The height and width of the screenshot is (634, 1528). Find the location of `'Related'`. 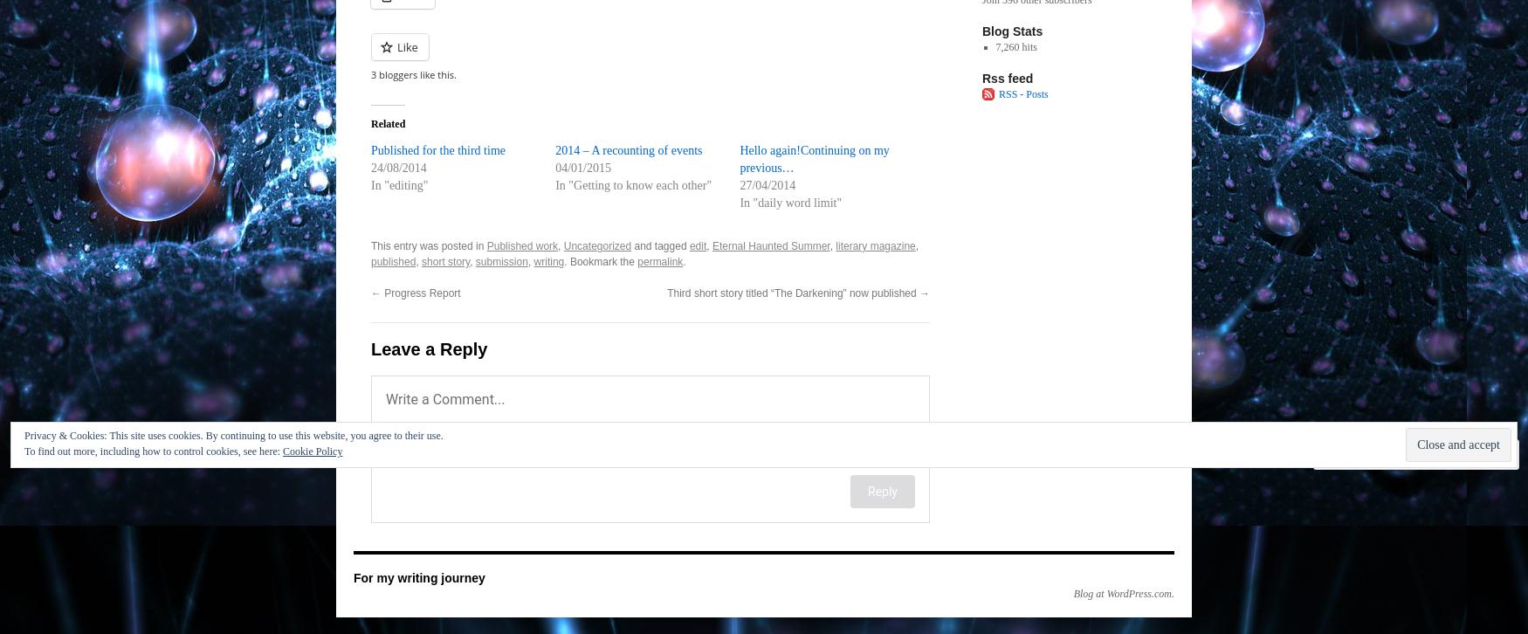

'Related' is located at coordinates (388, 124).